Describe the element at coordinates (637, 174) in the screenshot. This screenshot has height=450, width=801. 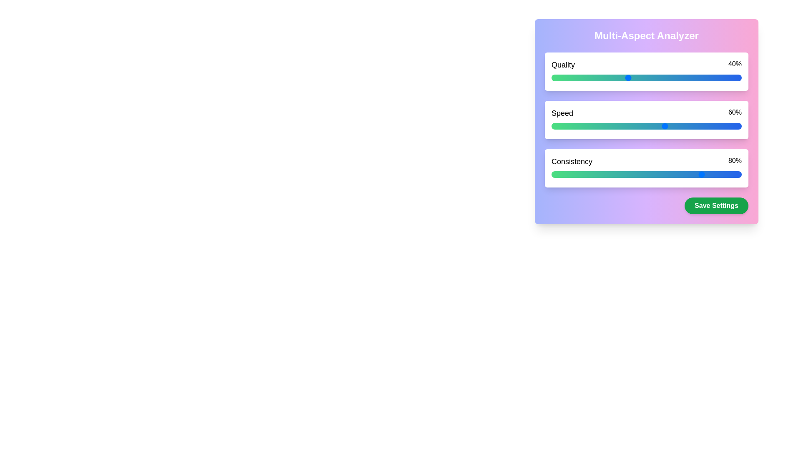
I see `Consistency` at that location.